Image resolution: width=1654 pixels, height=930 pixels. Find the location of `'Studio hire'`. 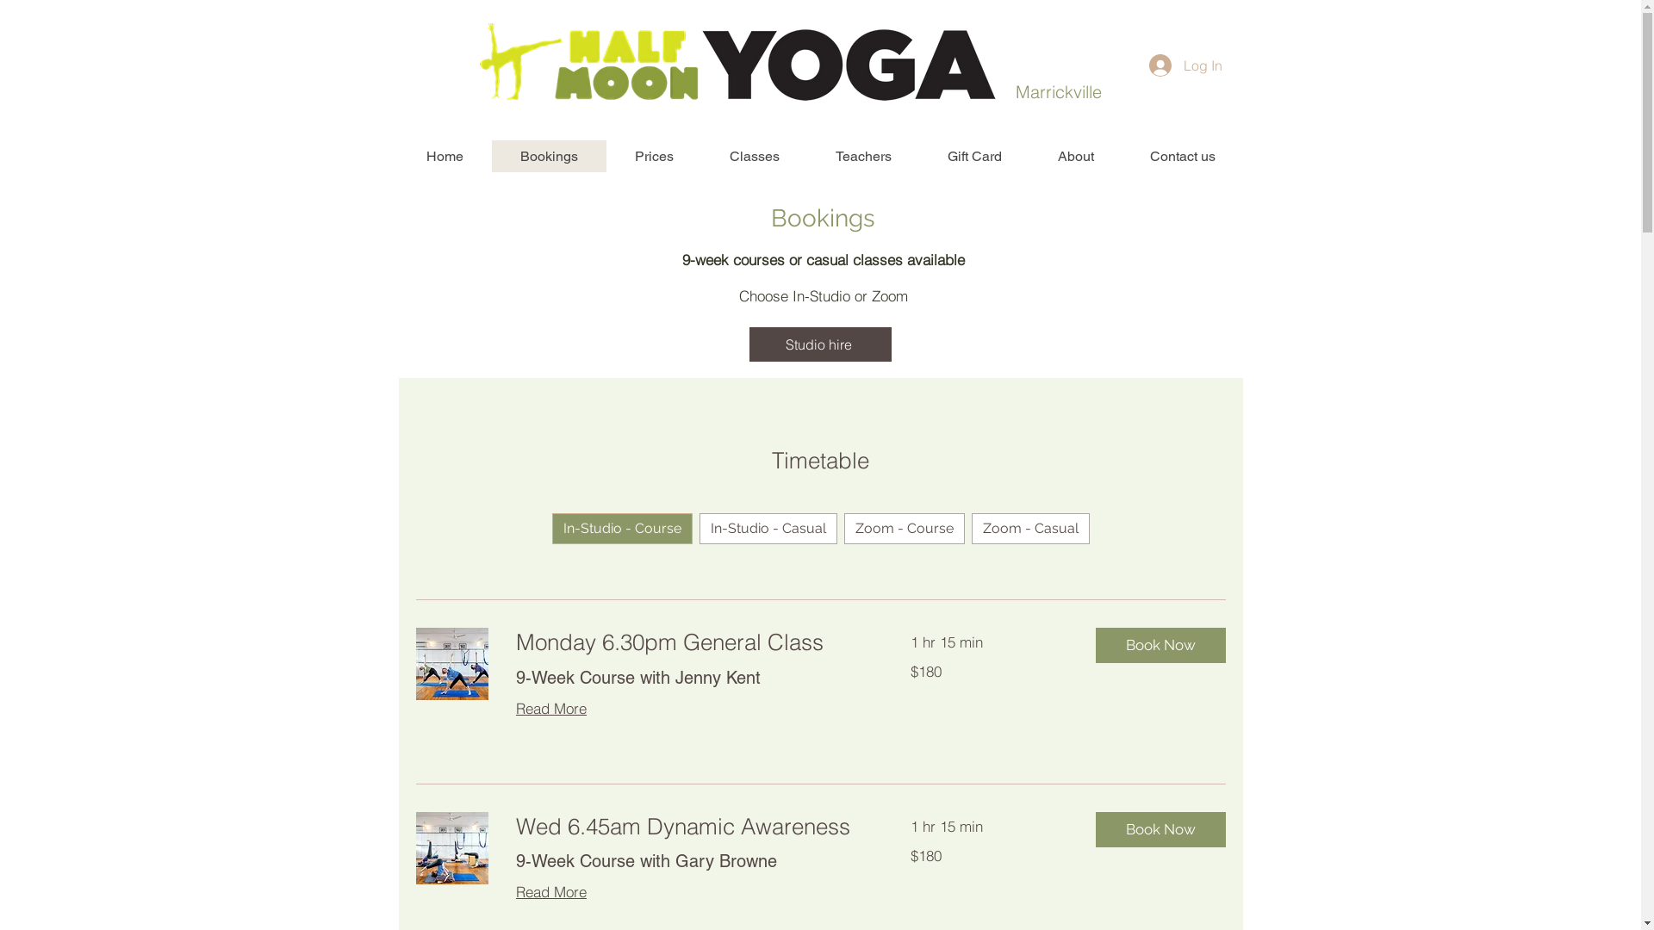

'Studio hire' is located at coordinates (819, 344).